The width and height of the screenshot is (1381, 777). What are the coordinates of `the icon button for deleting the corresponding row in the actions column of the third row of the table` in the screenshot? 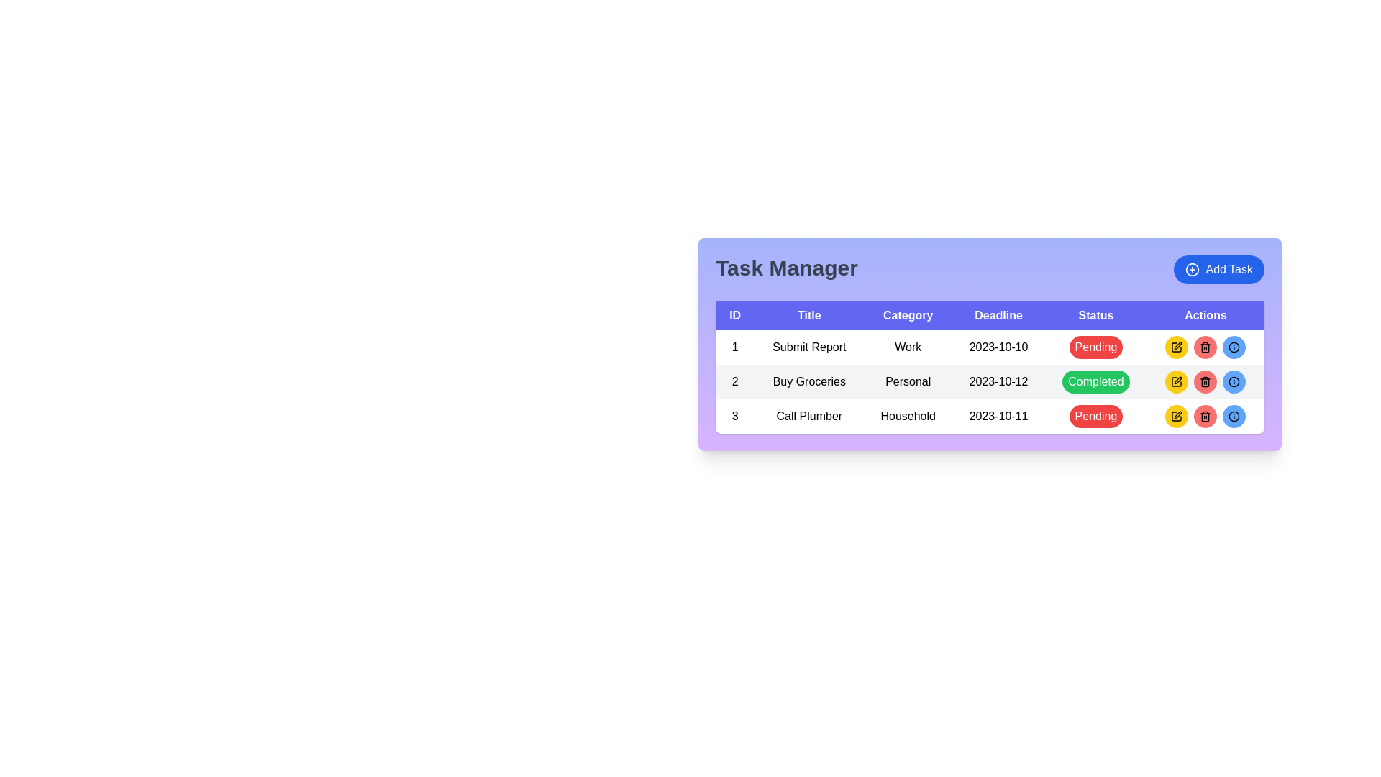 It's located at (1205, 416).